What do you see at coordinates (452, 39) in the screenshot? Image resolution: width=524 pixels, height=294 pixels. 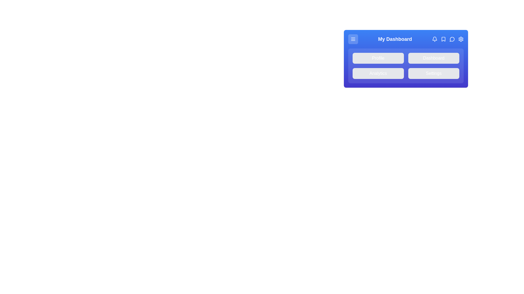 I see `the message icon in the app bar` at bounding box center [452, 39].